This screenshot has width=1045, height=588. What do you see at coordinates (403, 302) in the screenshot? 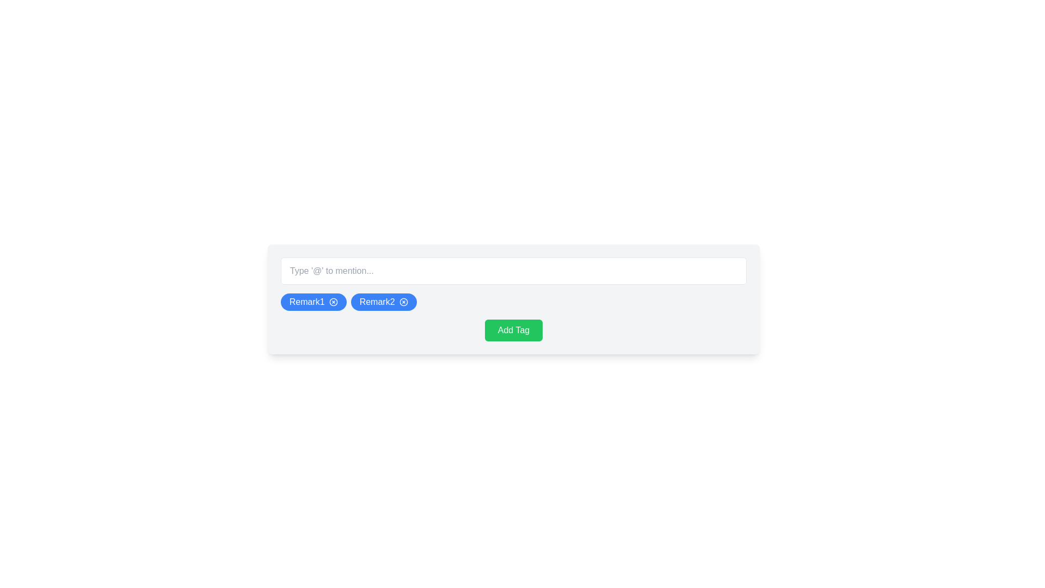
I see `the deletion icon button located to the immediate right of the 'Remark2' label` at bounding box center [403, 302].